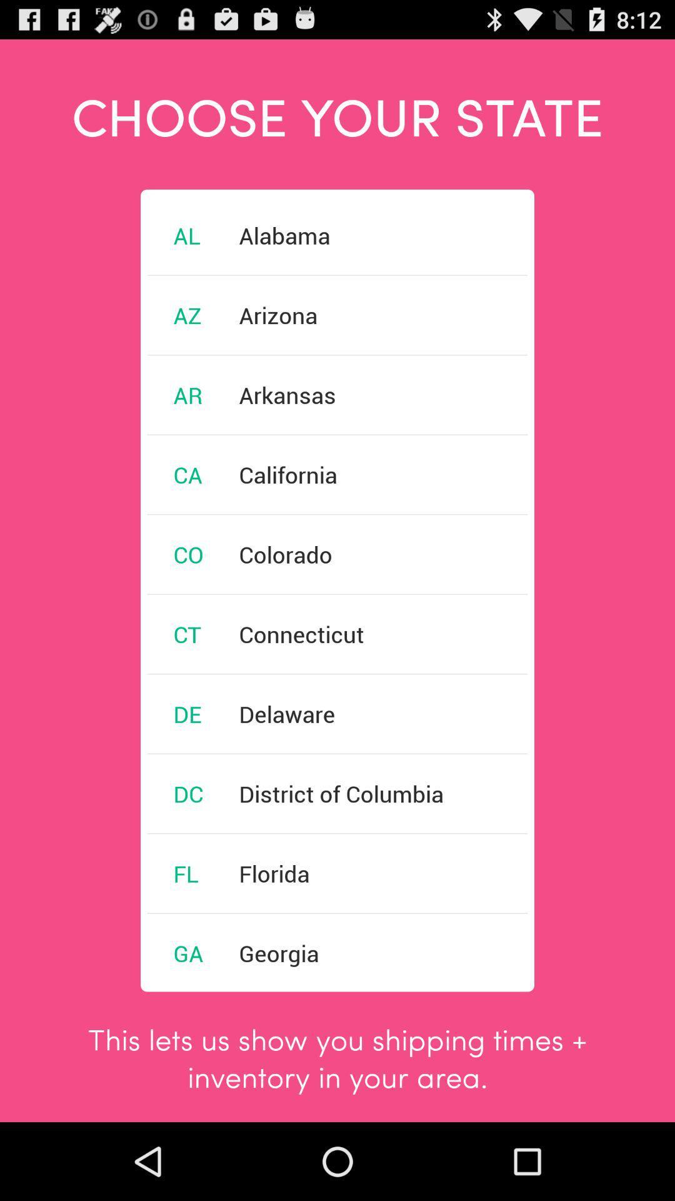 The image size is (675, 1201). Describe the element at coordinates (284, 235) in the screenshot. I see `item to the right of al icon` at that location.